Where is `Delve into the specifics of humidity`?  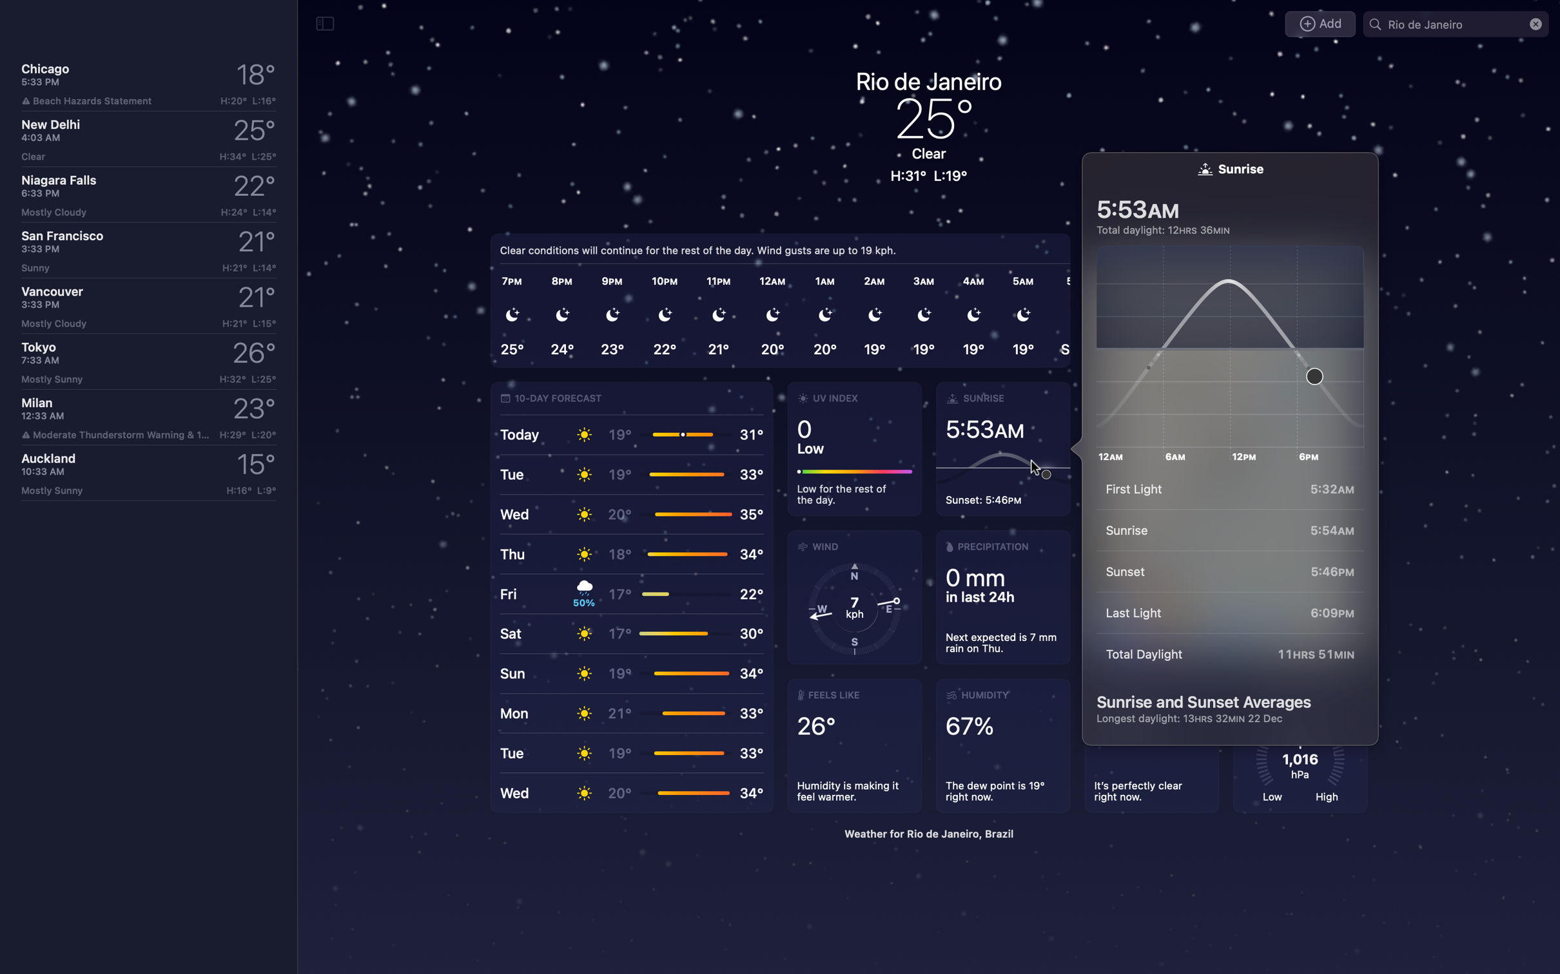 Delve into the specifics of humidity is located at coordinates (1006, 746).